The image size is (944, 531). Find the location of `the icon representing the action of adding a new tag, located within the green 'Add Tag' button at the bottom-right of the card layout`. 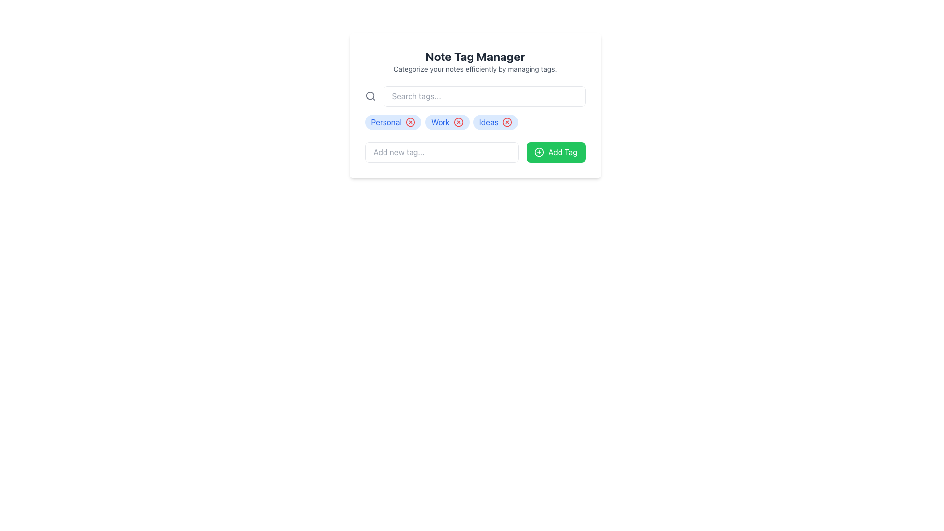

the icon representing the action of adding a new tag, located within the green 'Add Tag' button at the bottom-right of the card layout is located at coordinates (539, 152).